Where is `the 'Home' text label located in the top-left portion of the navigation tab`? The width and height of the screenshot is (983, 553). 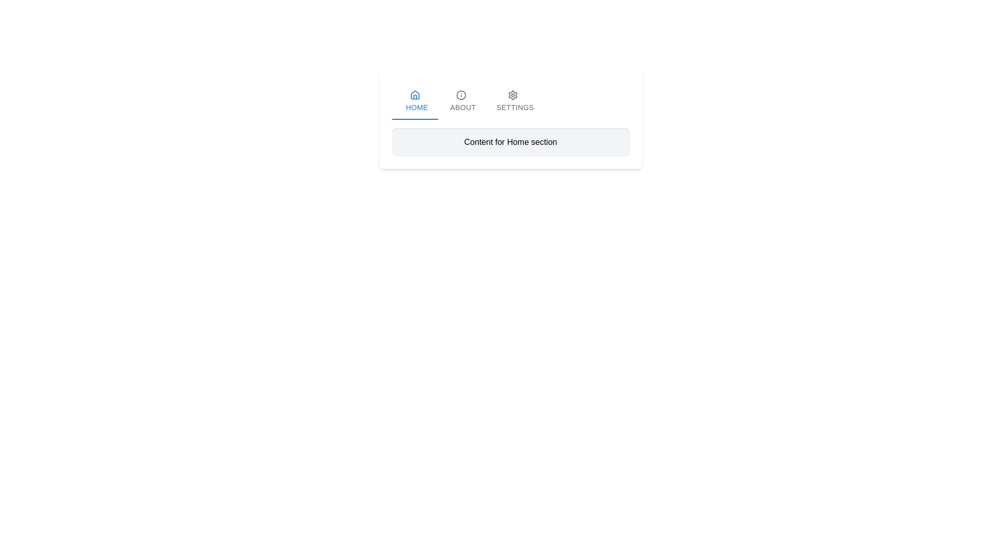 the 'Home' text label located in the top-left portion of the navigation tab is located at coordinates (417, 108).